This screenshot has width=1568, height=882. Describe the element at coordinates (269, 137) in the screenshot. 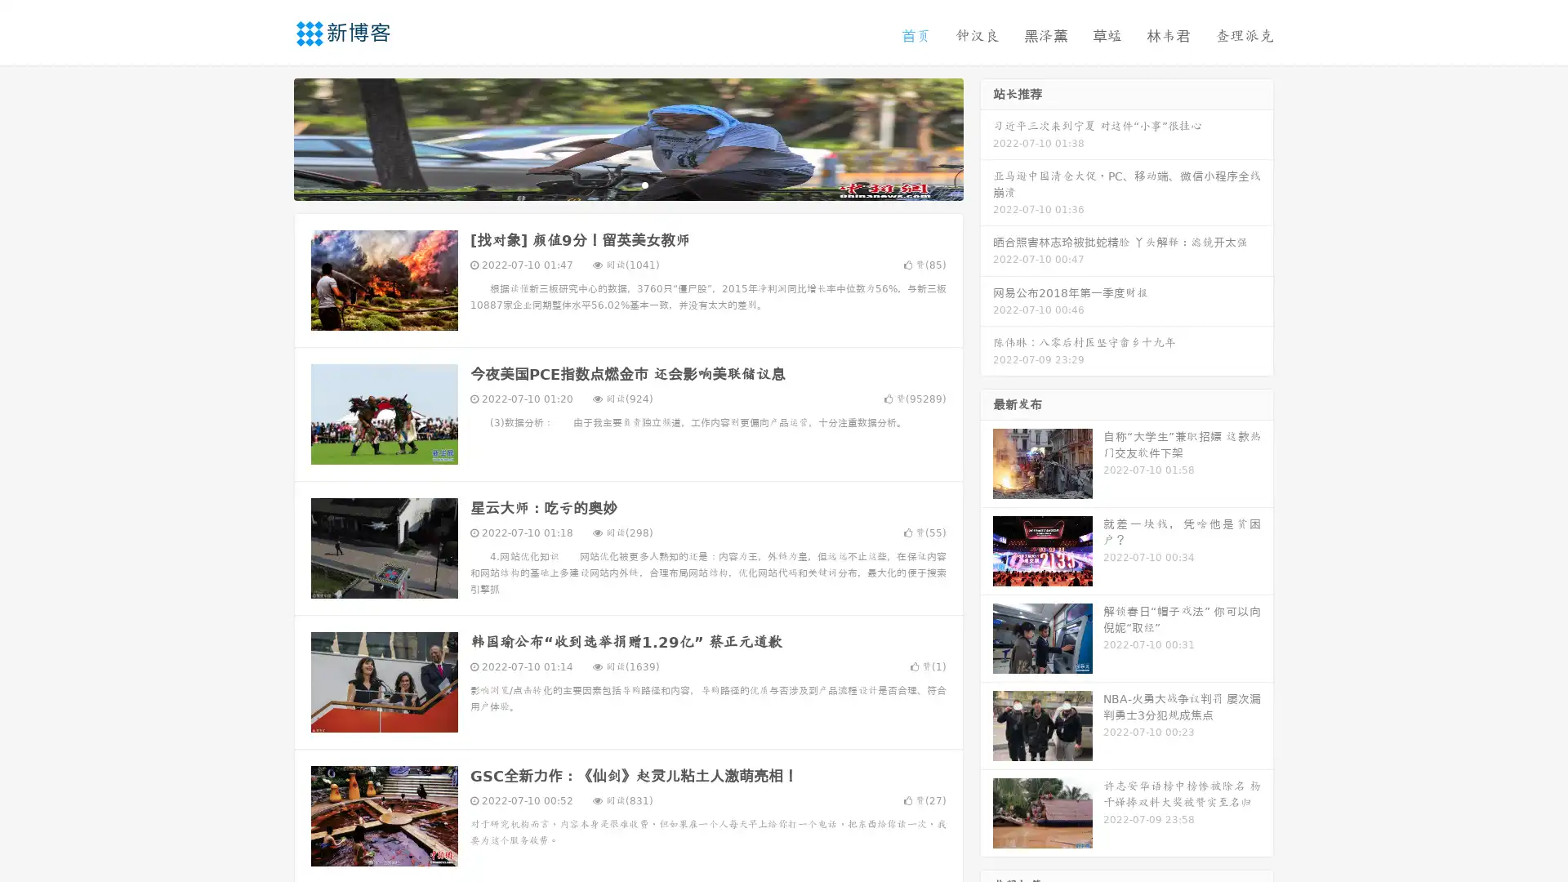

I see `Previous slide` at that location.